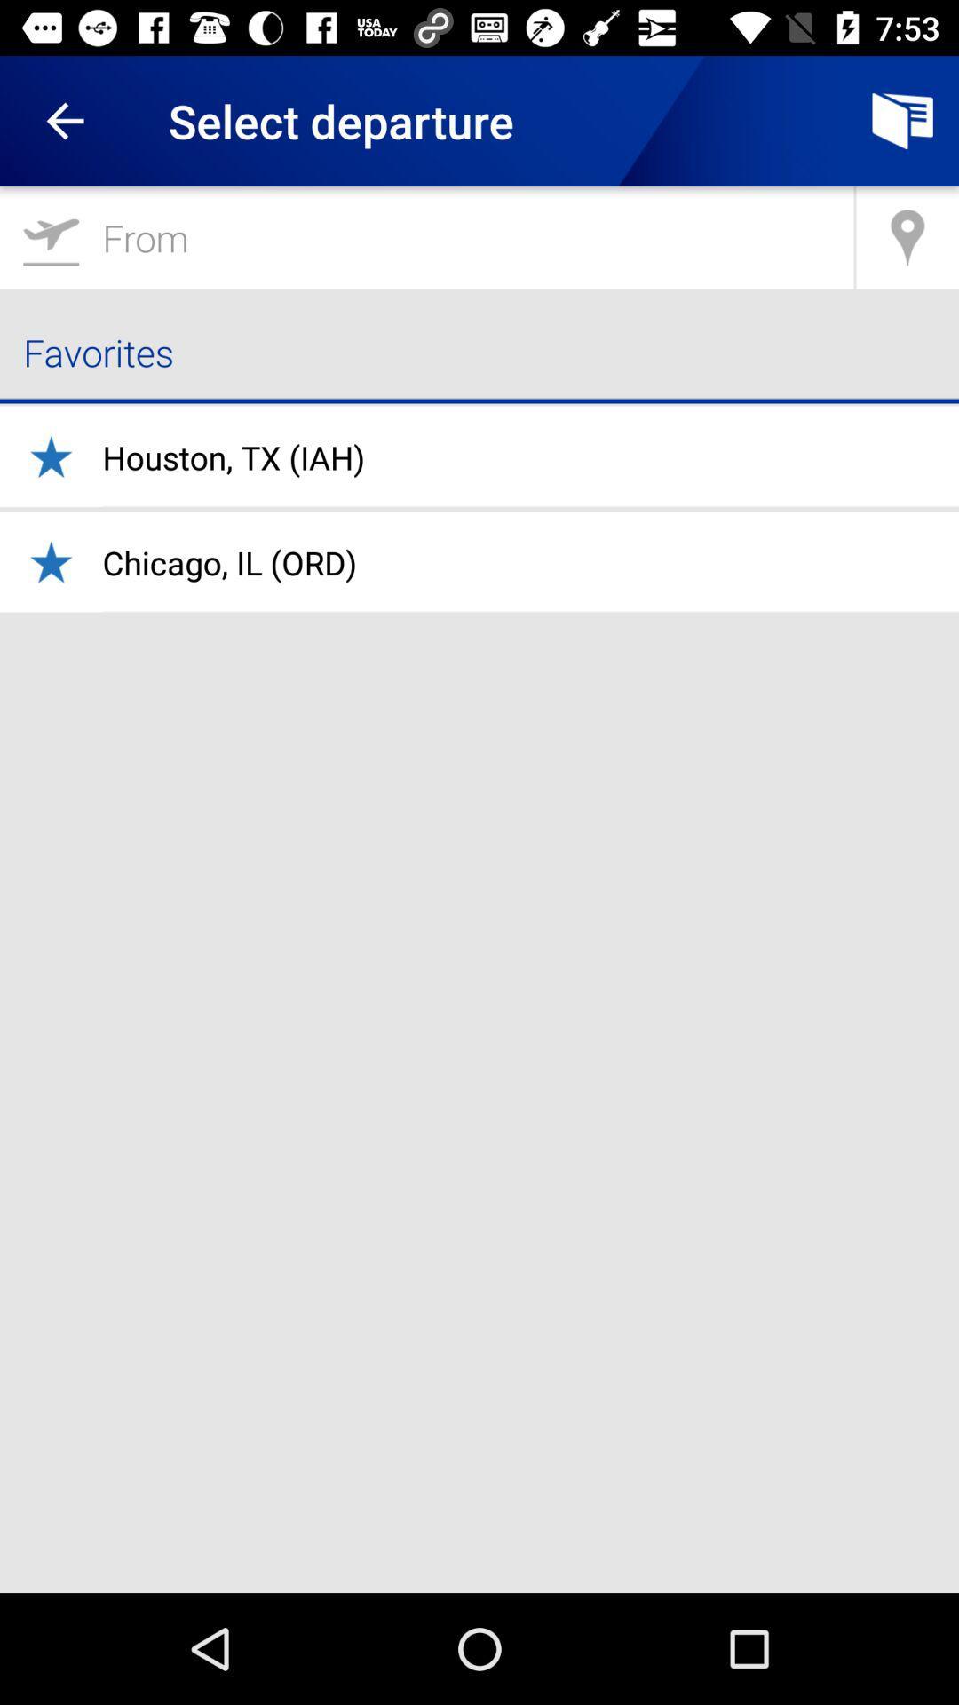 This screenshot has height=1705, width=959. What do you see at coordinates (228, 561) in the screenshot?
I see `the icon below the houston, tx (iah) item` at bounding box center [228, 561].